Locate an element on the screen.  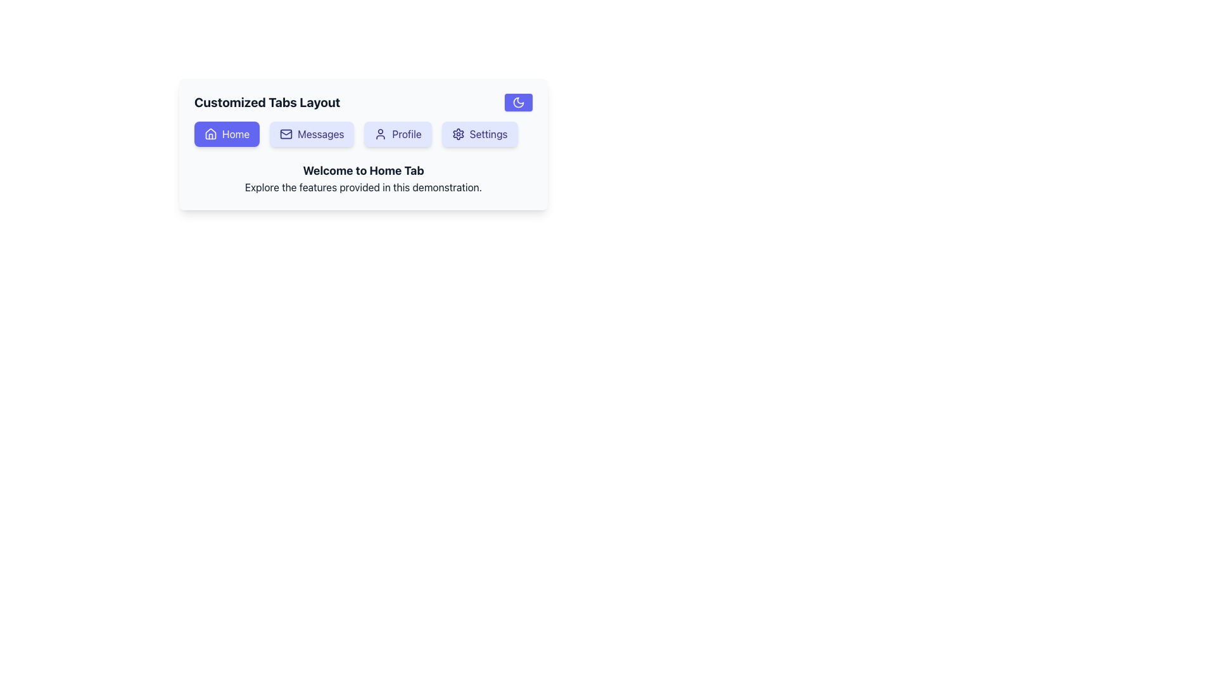
the 'Settings' button, which is the fourth button in the navigation bar is located at coordinates (479, 134).